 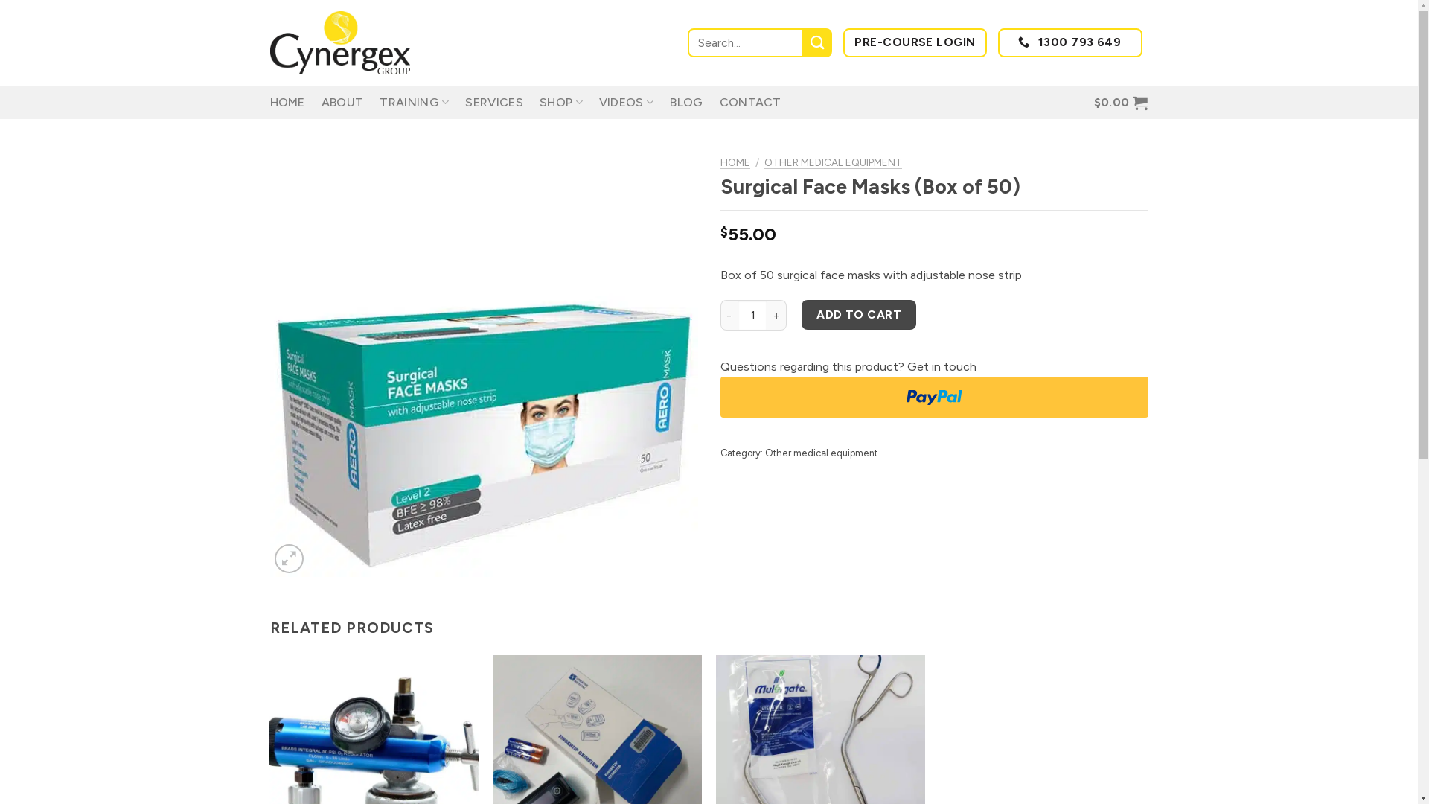 I want to click on 'Zoom', so click(x=289, y=558).